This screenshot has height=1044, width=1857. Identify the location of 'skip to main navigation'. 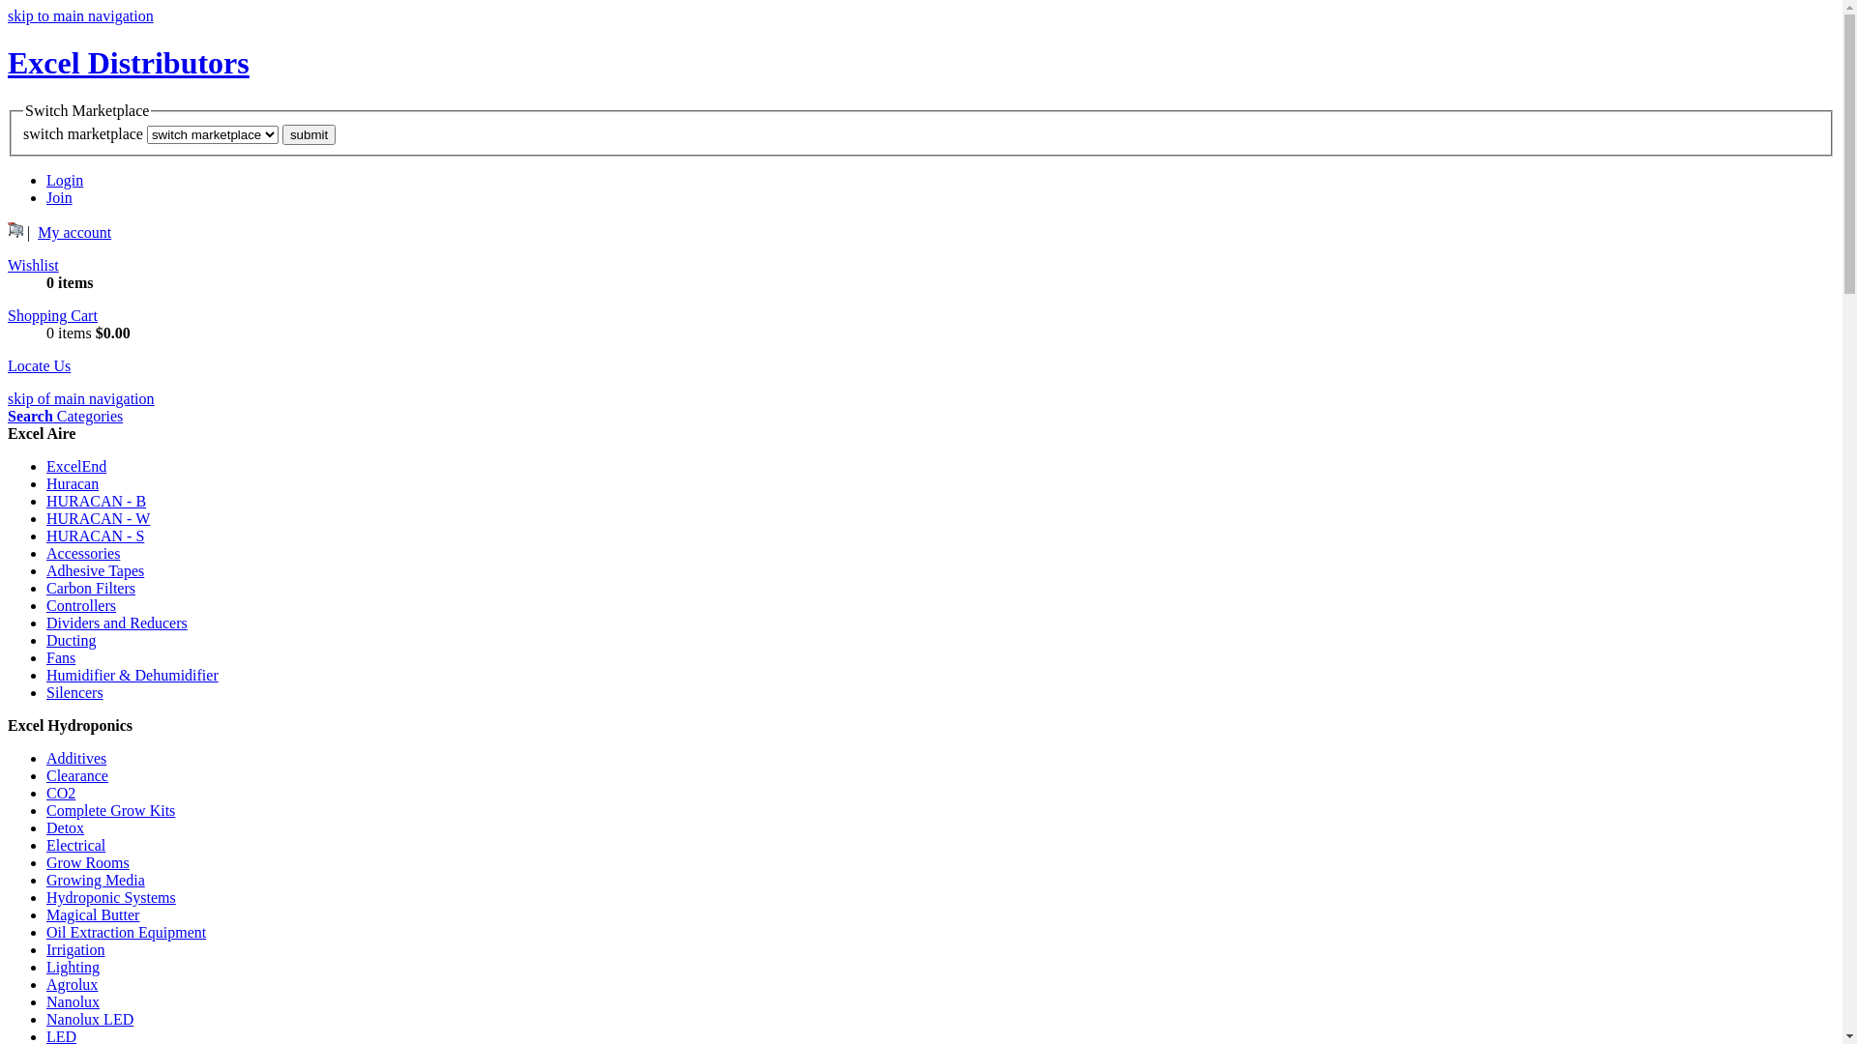
(79, 15).